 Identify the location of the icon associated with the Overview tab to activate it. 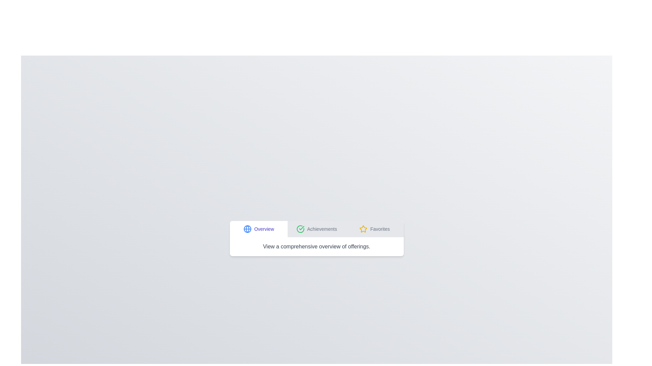
(247, 229).